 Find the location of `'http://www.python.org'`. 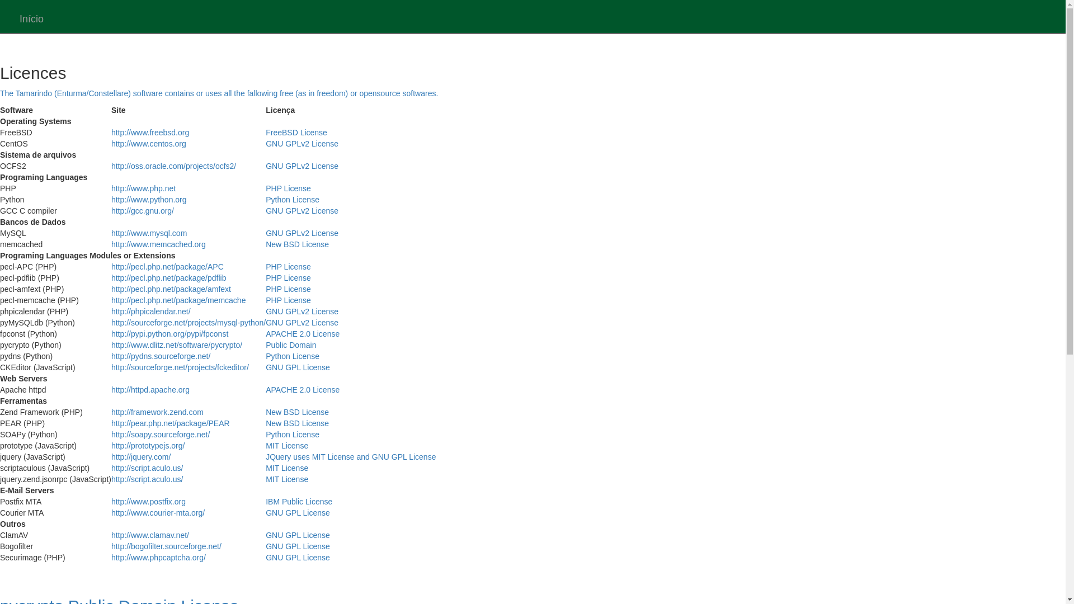

'http://www.python.org' is located at coordinates (148, 199).